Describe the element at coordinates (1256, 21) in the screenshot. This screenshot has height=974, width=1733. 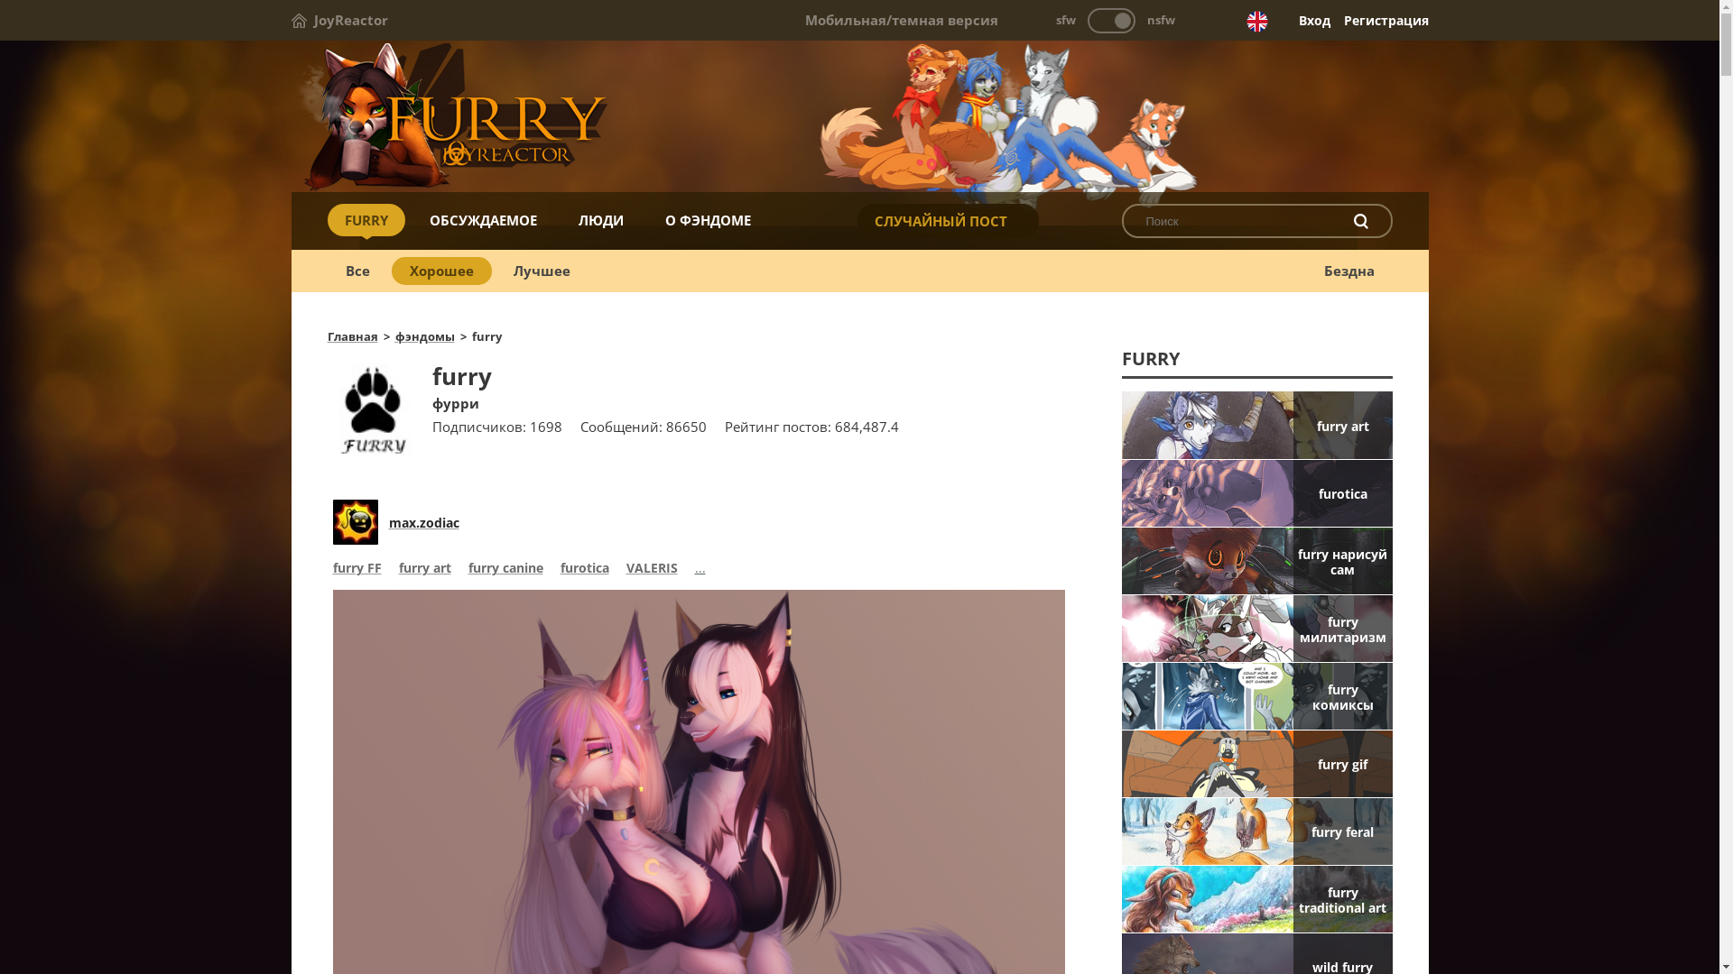
I see `'English version'` at that location.